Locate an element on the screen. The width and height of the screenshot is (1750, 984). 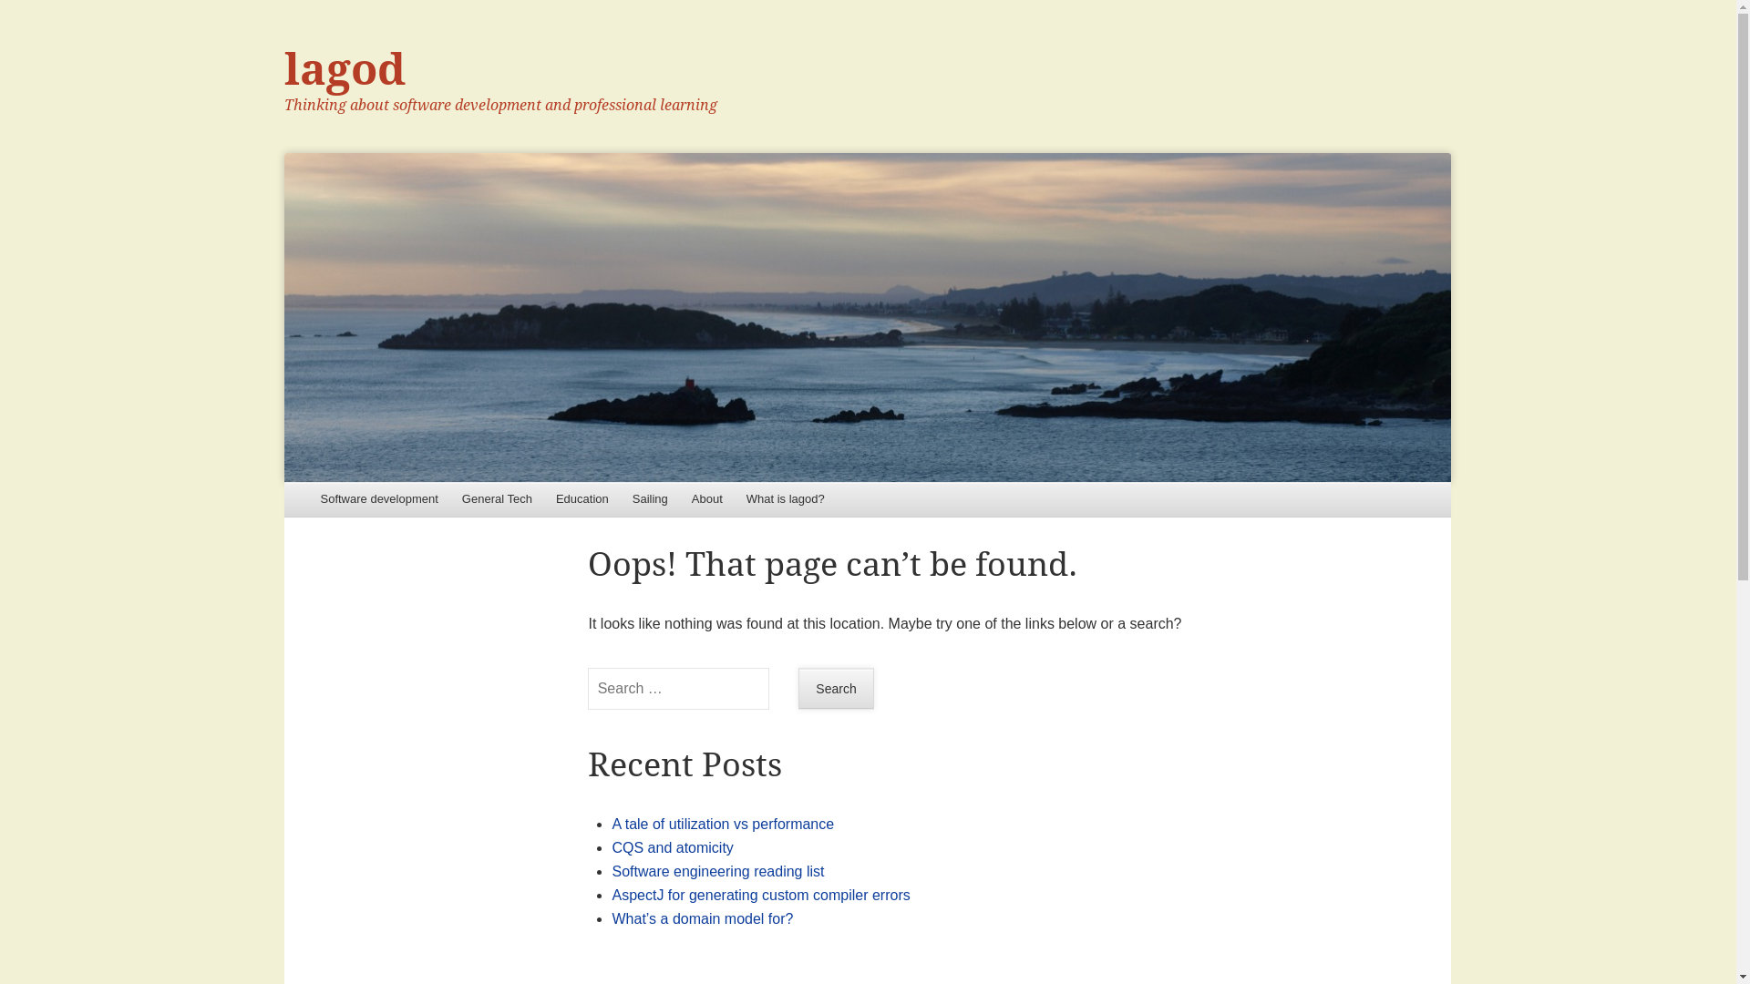
'What is lagod?' is located at coordinates (735, 499).